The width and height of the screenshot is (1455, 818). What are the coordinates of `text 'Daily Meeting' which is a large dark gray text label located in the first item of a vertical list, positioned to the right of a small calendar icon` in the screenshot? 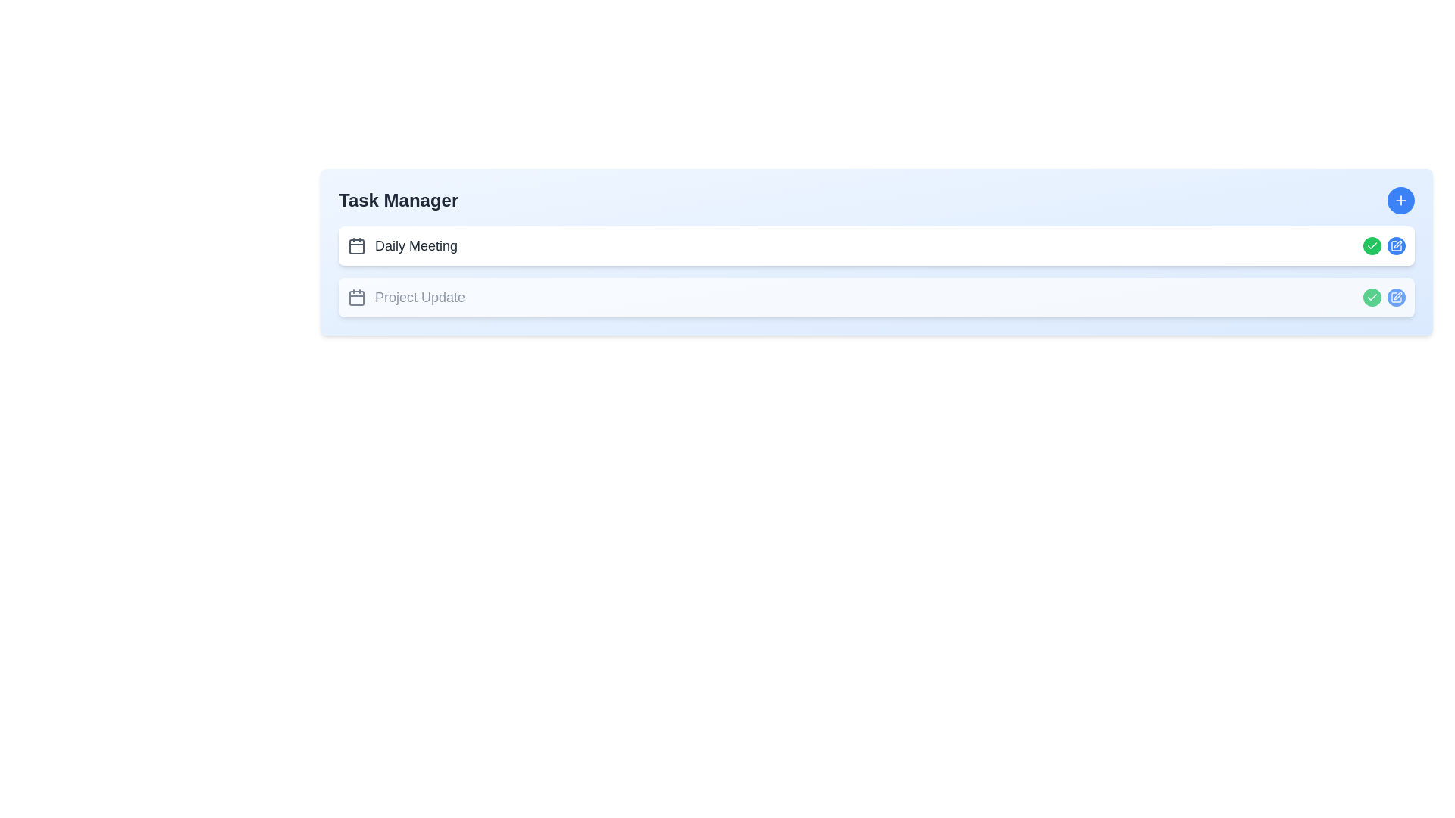 It's located at (416, 245).